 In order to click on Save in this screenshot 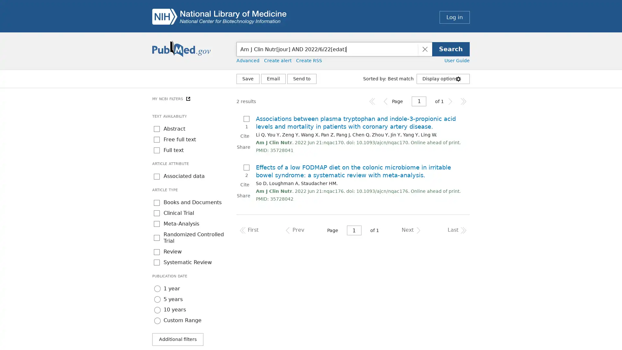, I will do `click(248, 78)`.